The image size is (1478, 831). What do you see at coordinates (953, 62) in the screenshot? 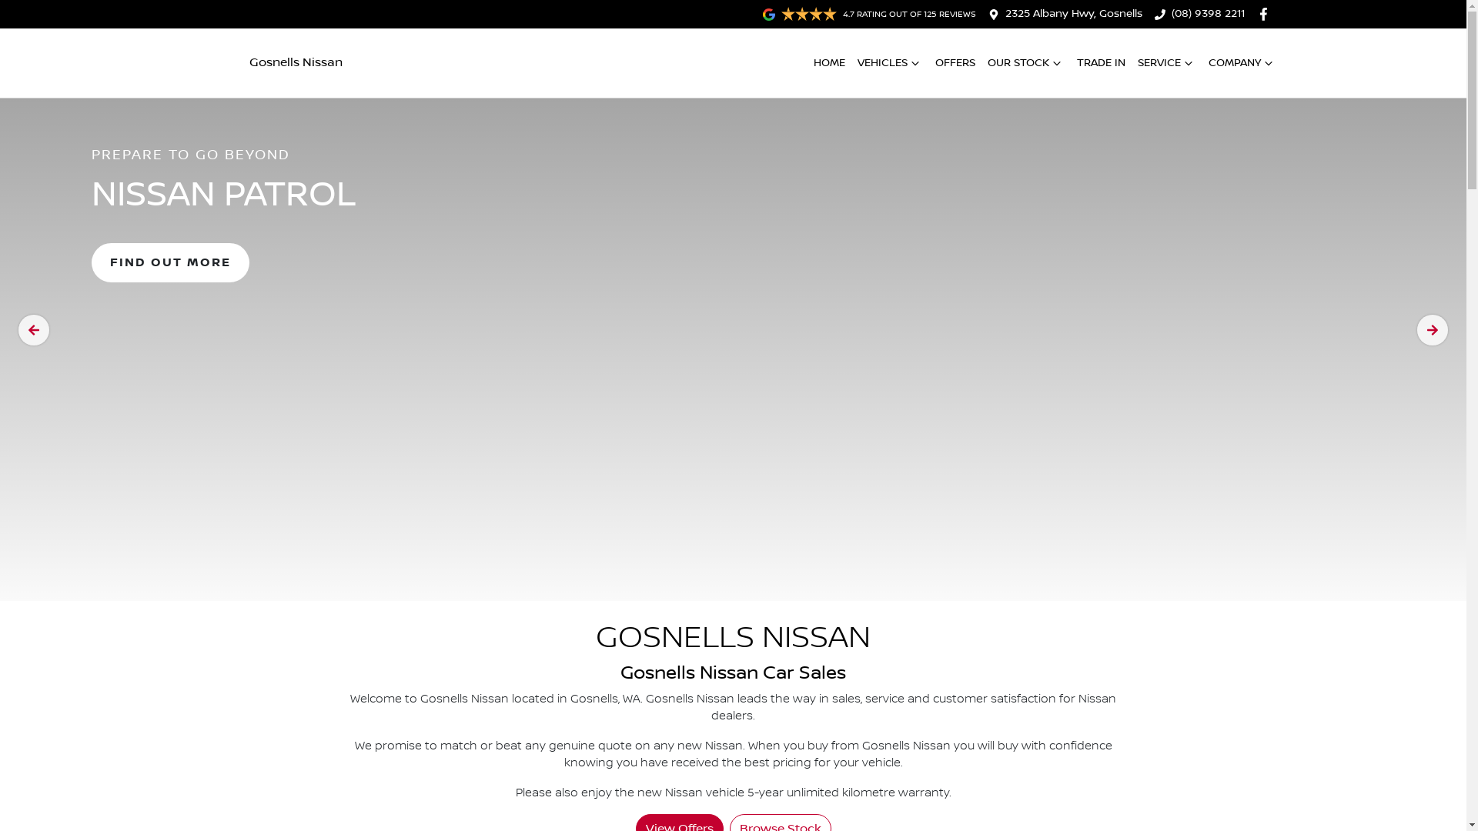
I see `'OFFERS'` at bounding box center [953, 62].